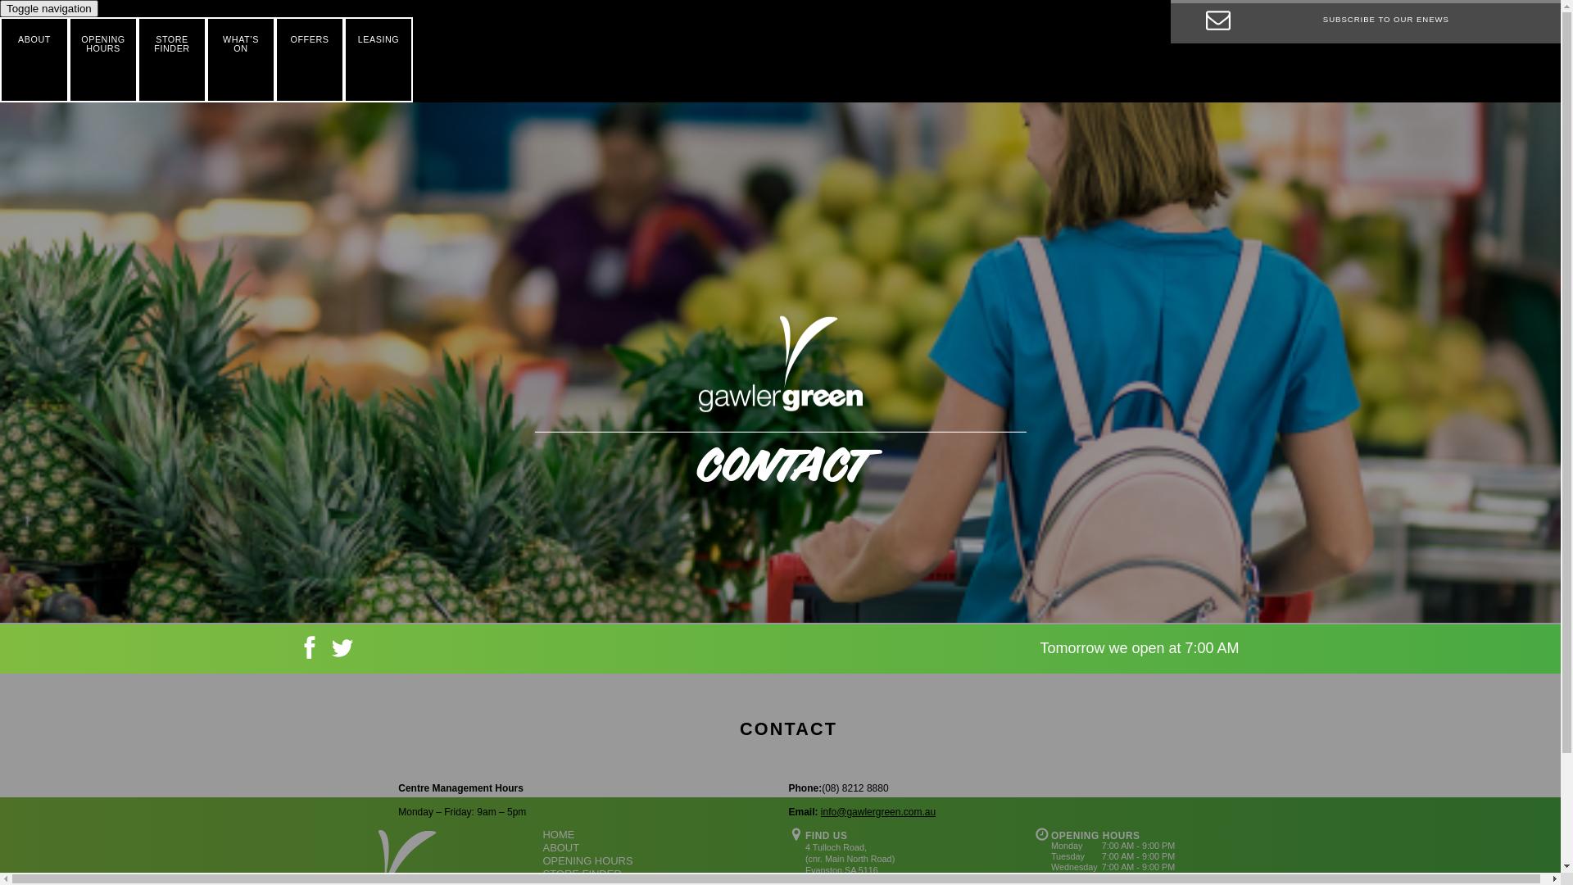 The image size is (1573, 885). I want to click on 'LEASING', so click(377, 59).